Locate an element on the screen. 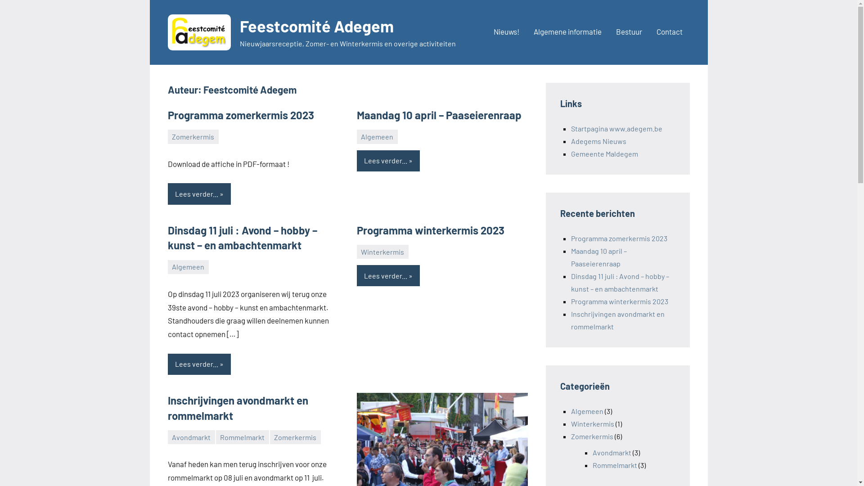 The image size is (864, 486). 'Gemeente Maldegem' is located at coordinates (604, 153).